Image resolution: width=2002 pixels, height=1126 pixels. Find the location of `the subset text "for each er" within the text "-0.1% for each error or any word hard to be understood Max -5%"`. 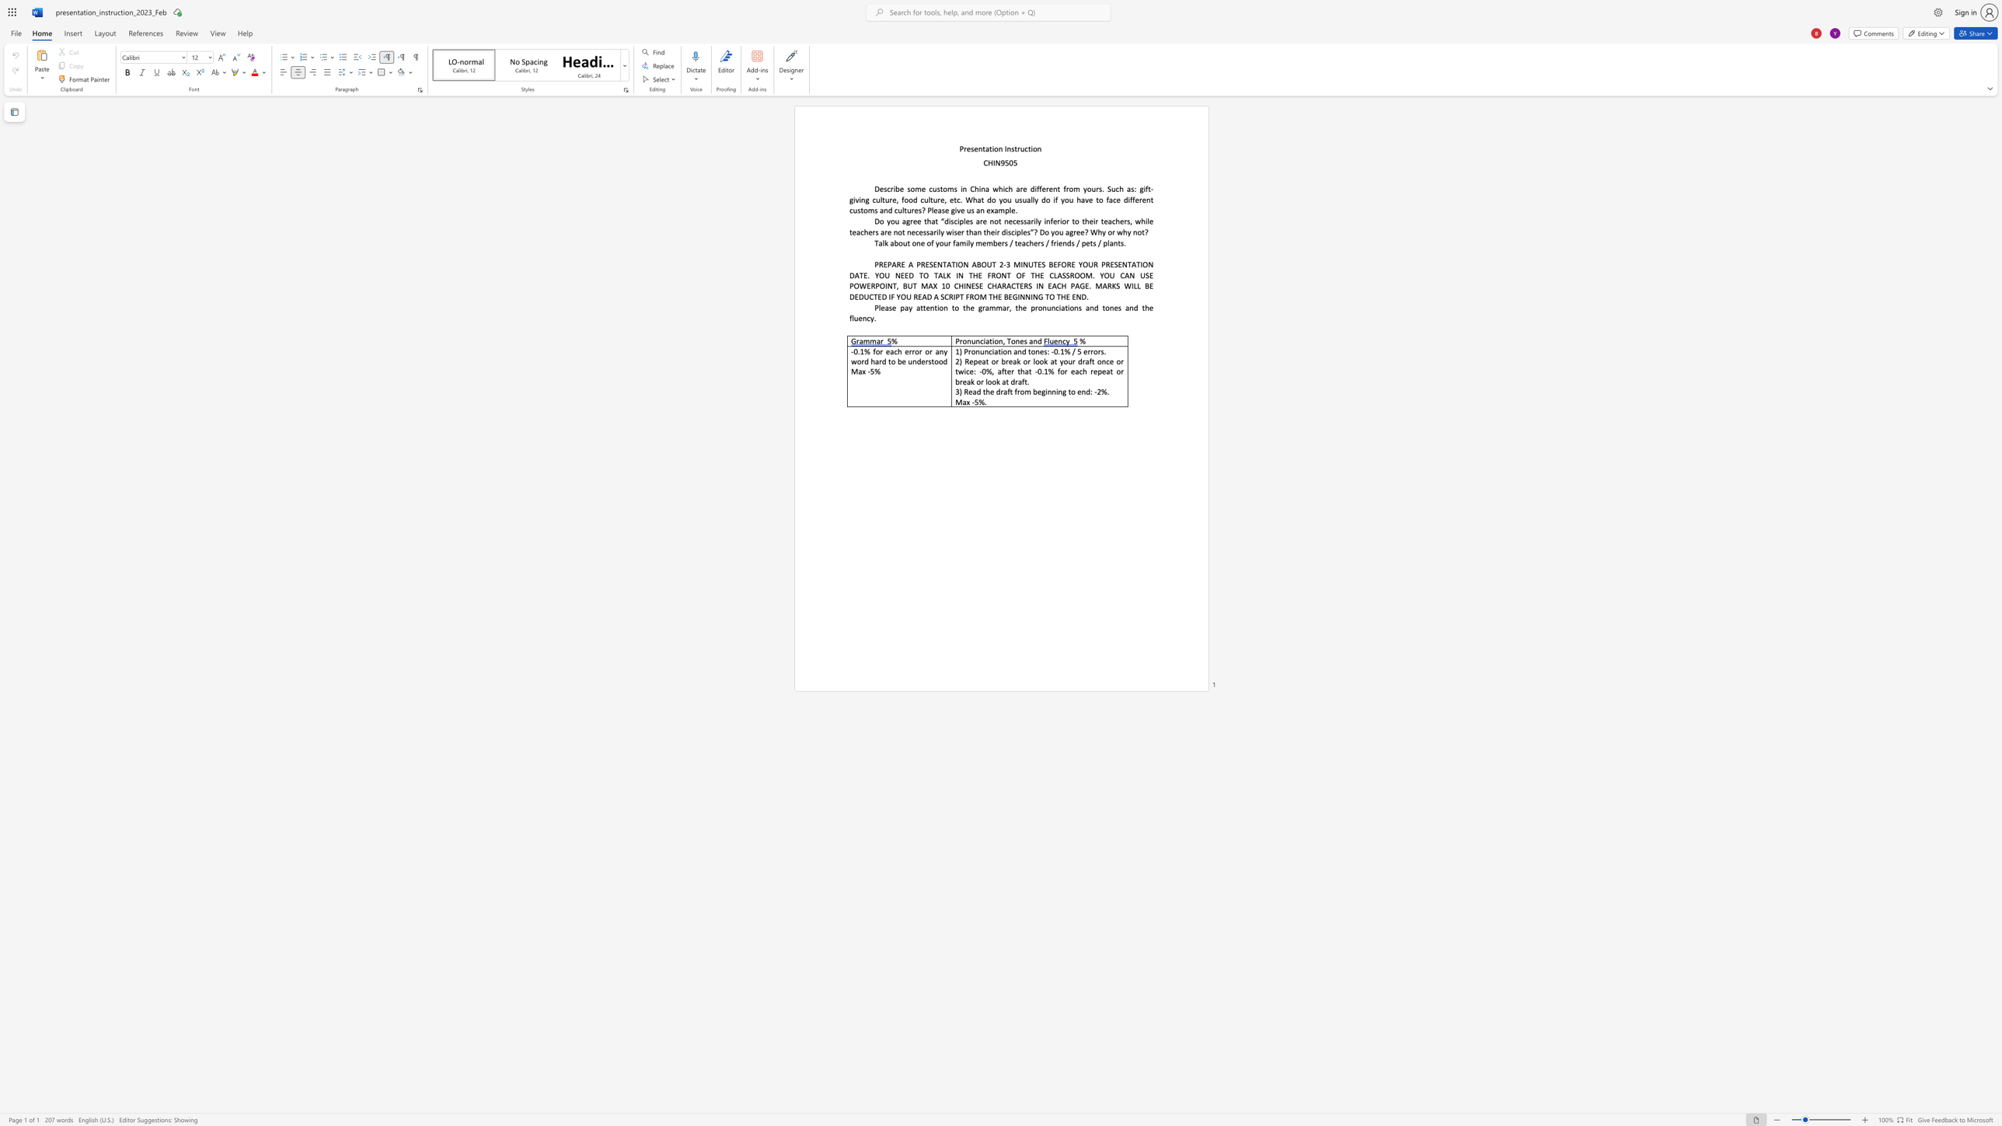

the subset text "for each er" within the text "-0.1% for each error or any word hard to be understood Max -5%" is located at coordinates (873, 351).